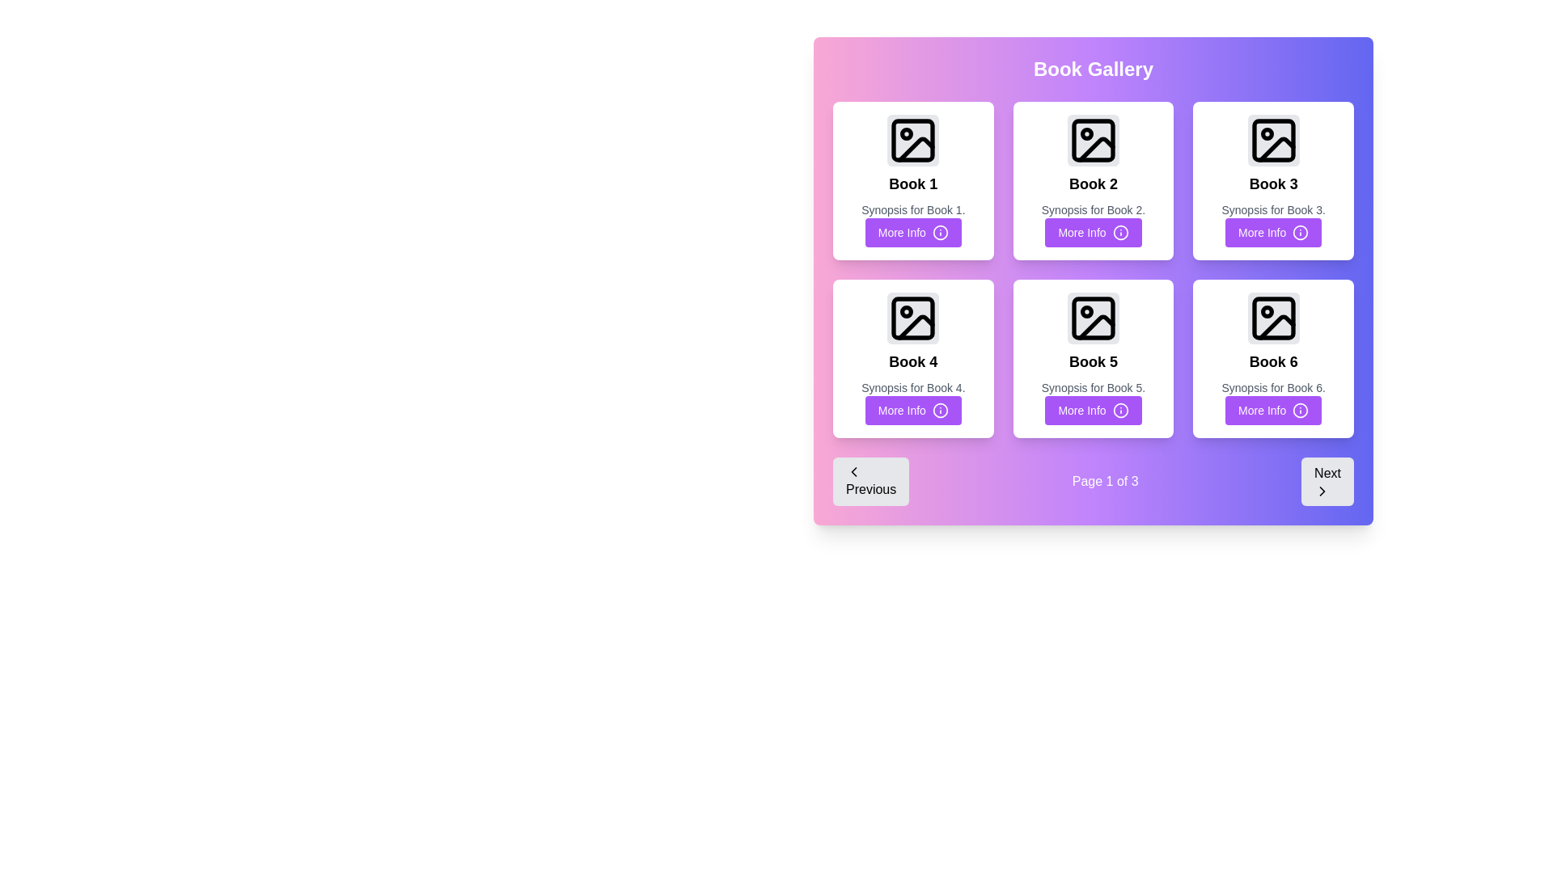 The height and width of the screenshot is (873, 1553). Describe the element at coordinates (1104, 481) in the screenshot. I see `text from the Text Label located in the middle of the horizontal navigation control bar, positioned between the 'Previous' and 'Next' buttons` at that location.